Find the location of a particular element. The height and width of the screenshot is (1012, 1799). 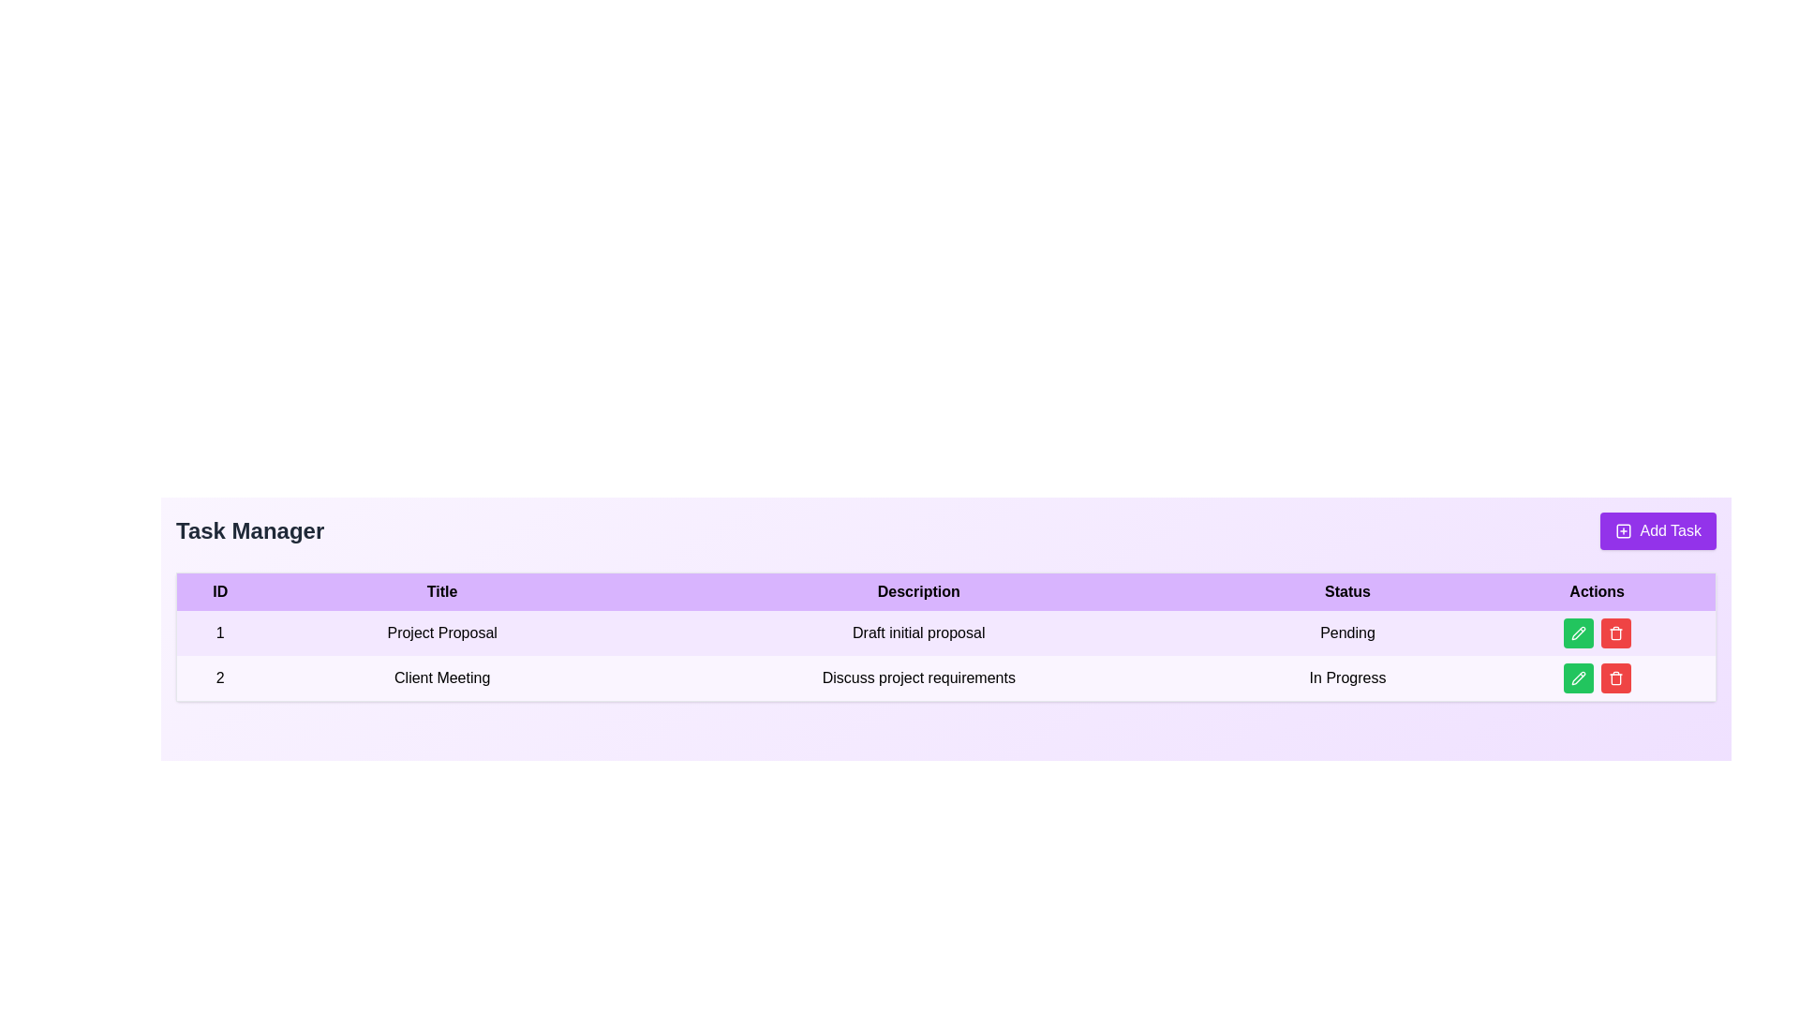

the pencil icon in the 'Actions' column of the second row of the task table is located at coordinates (1577, 678).